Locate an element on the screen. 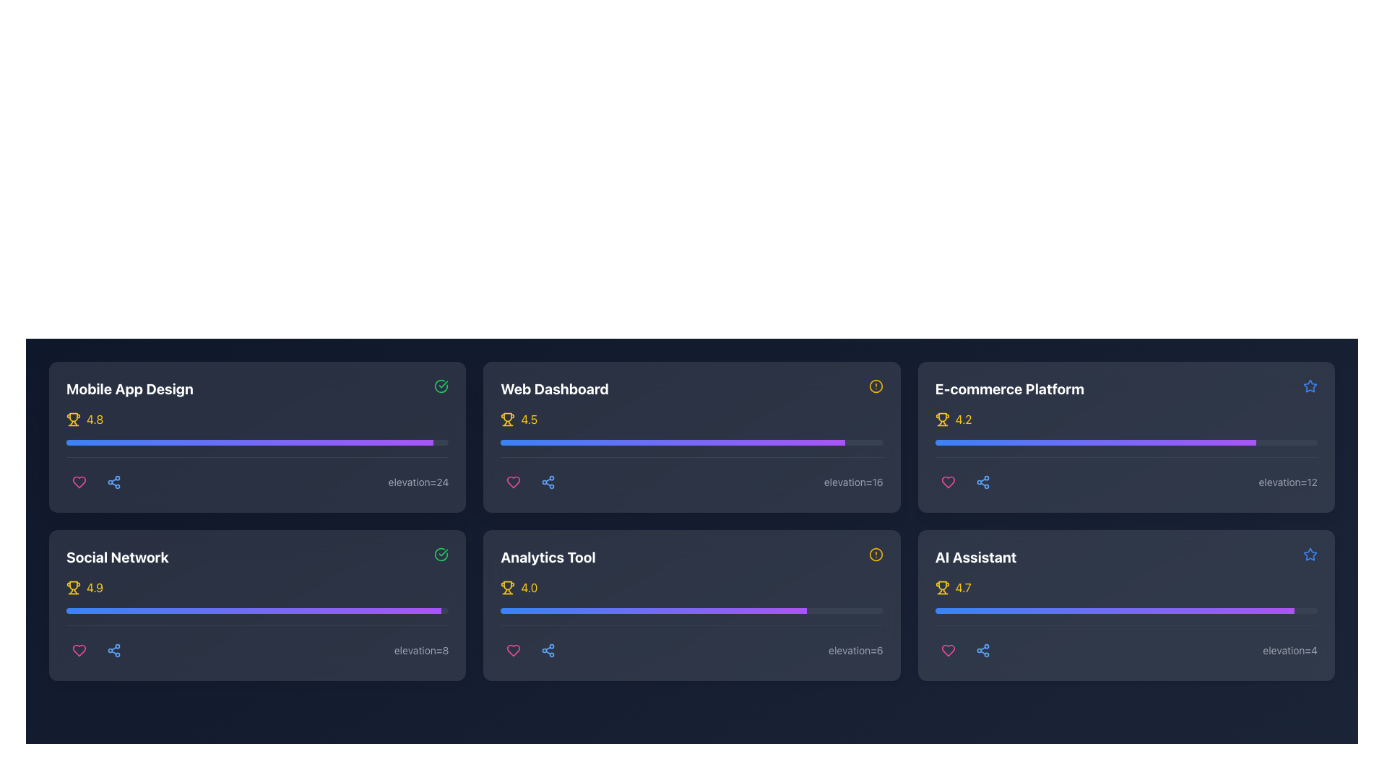 This screenshot has height=780, width=1387. the yellow numeral value '4.7' displayed in the 'AI Assistant' card, which indicates a rating or score is located at coordinates (963, 587).